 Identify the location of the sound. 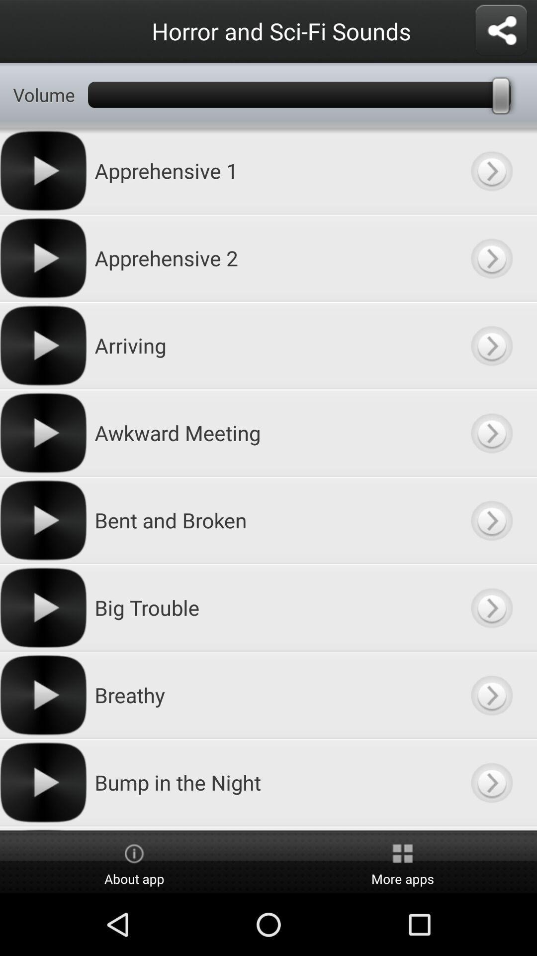
(491, 607).